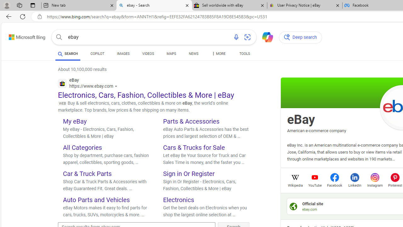  Describe the element at coordinates (154, 5) in the screenshot. I see `'ebay - Search'` at that location.